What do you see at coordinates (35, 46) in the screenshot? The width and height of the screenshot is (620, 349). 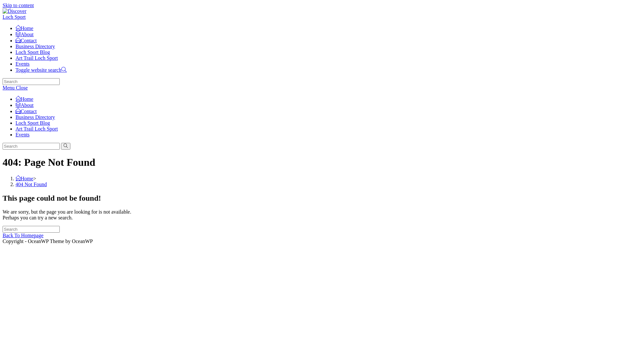 I see `'Business Directory'` at bounding box center [35, 46].